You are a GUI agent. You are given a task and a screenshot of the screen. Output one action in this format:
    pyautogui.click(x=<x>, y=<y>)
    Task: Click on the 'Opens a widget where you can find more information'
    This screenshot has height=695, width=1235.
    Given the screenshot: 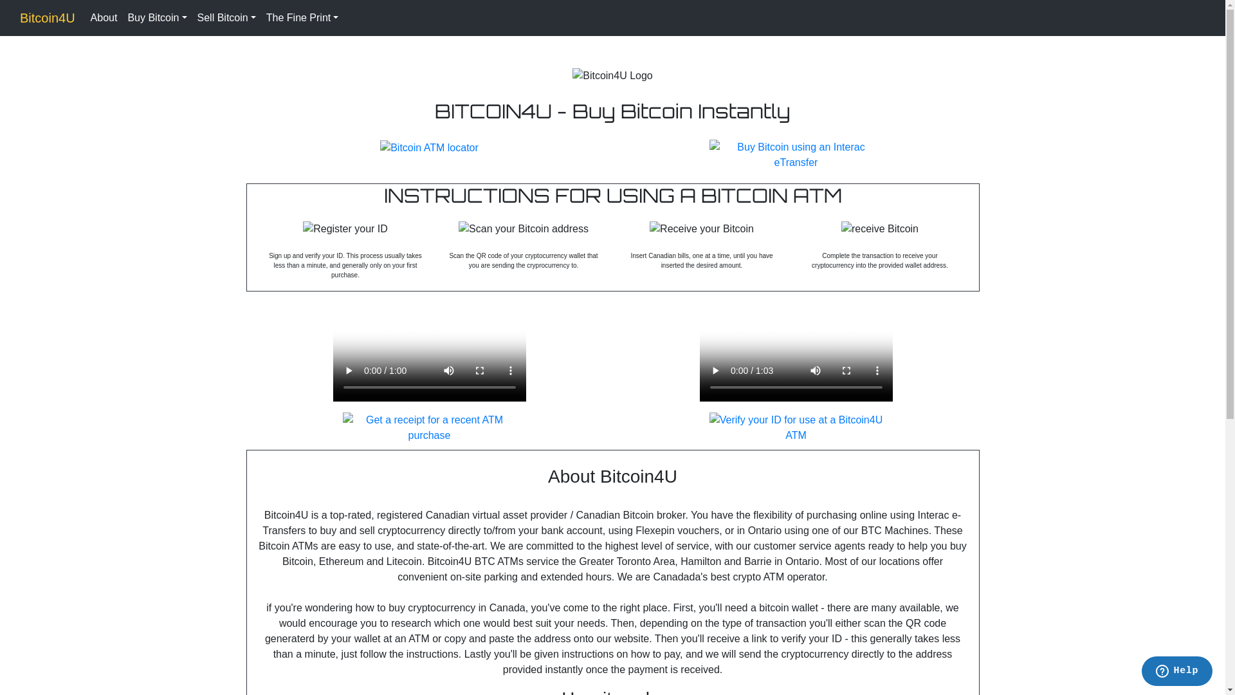 What is the action you would take?
    pyautogui.click(x=1176, y=672)
    